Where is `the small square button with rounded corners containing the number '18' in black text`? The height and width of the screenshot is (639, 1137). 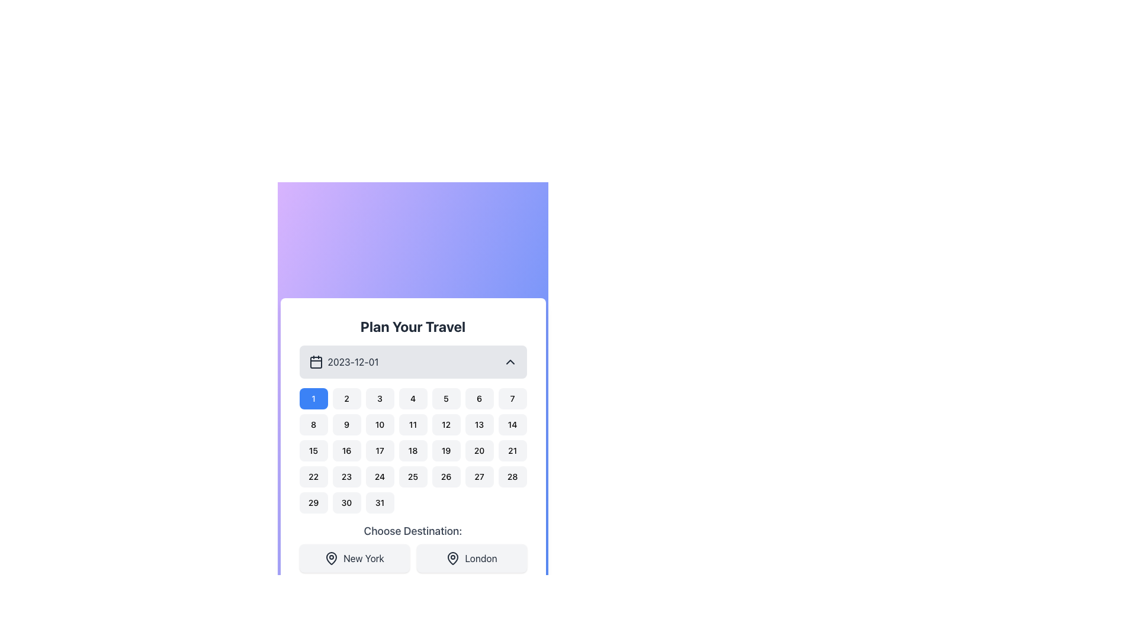
the small square button with rounded corners containing the number '18' in black text is located at coordinates (413, 451).